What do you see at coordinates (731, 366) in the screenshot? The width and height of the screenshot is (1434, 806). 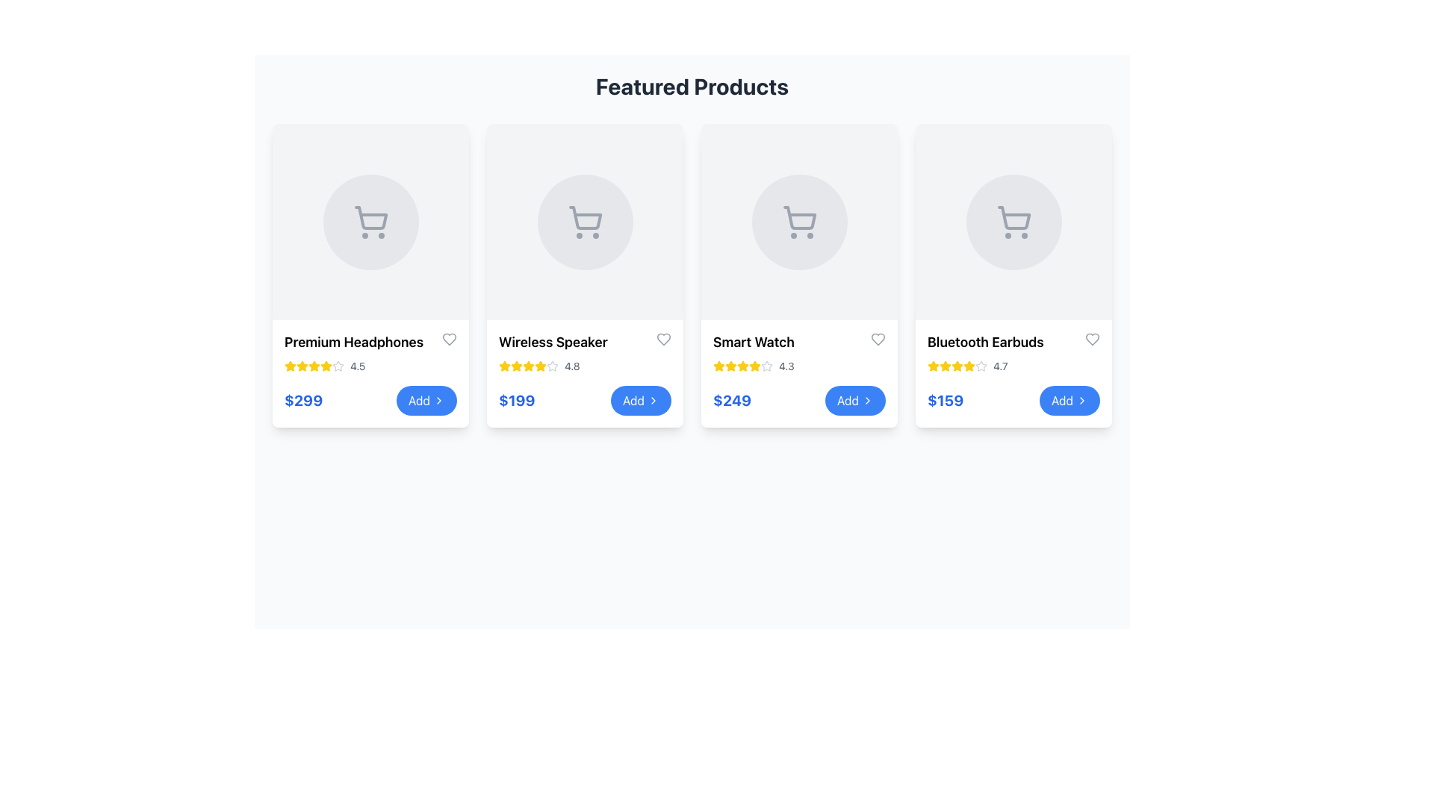 I see `the third star icon in the product rating section, which is a yellow star with a black outline, indicating a rating of '4.3'` at bounding box center [731, 366].